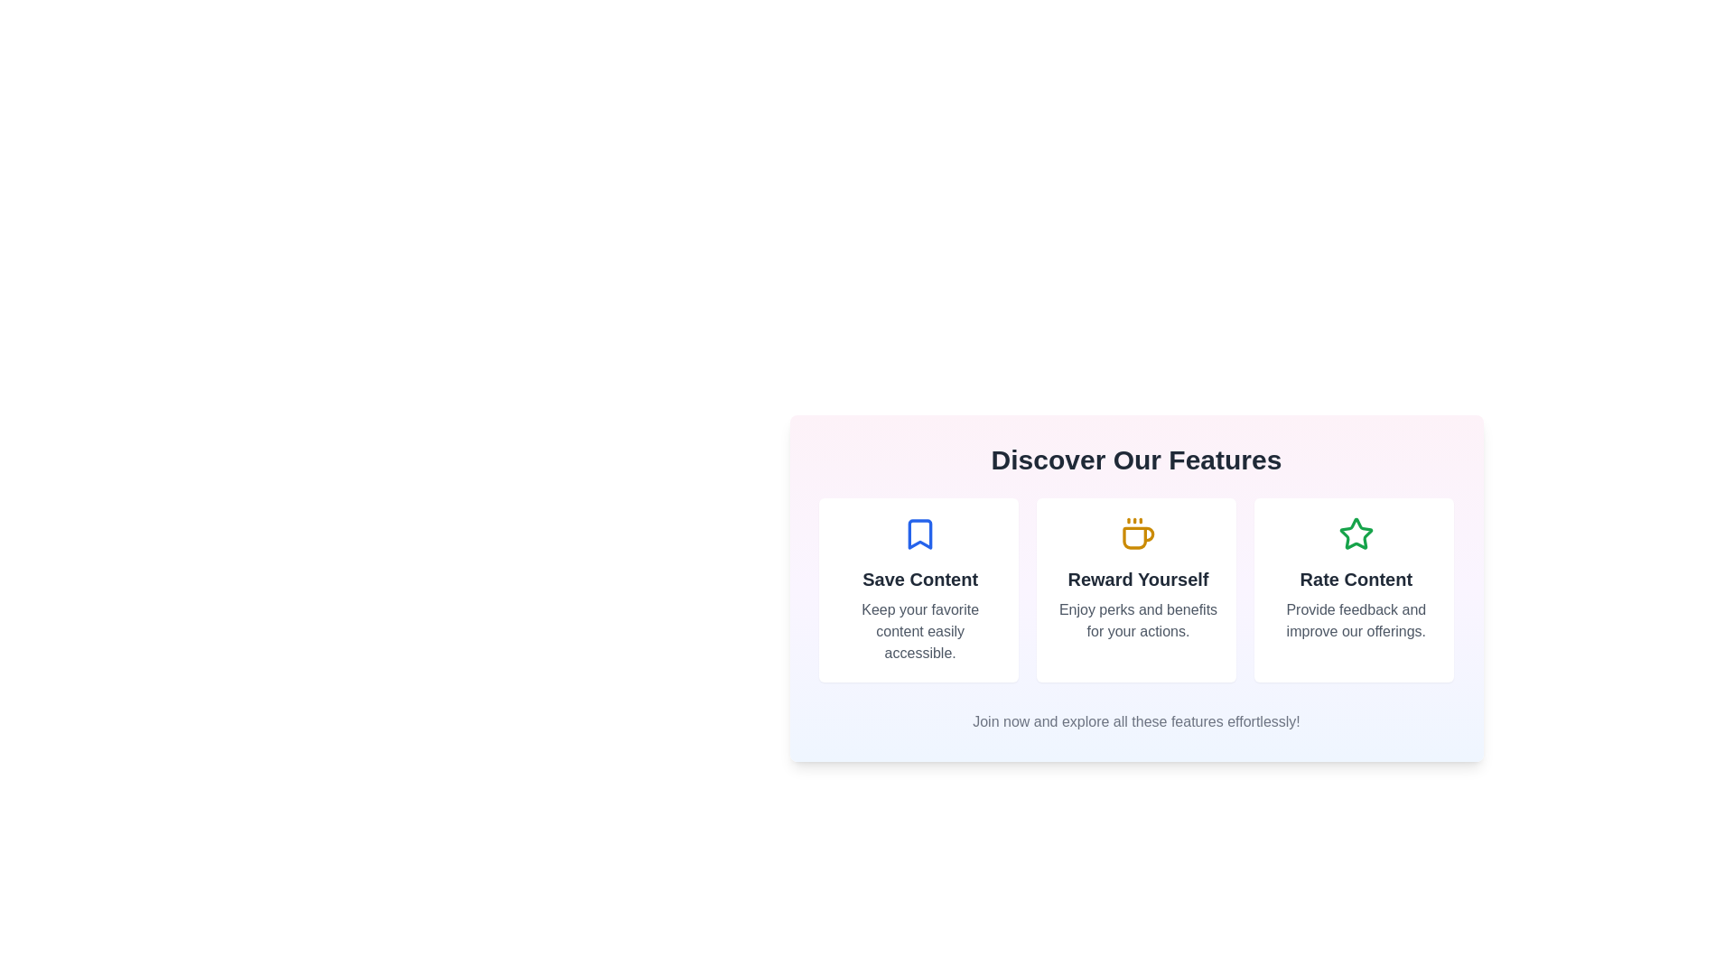  I want to click on the decorative icon associated with the text 'Reward Yourself' located in the second column under 'Discover Our Features', so click(1137, 533).